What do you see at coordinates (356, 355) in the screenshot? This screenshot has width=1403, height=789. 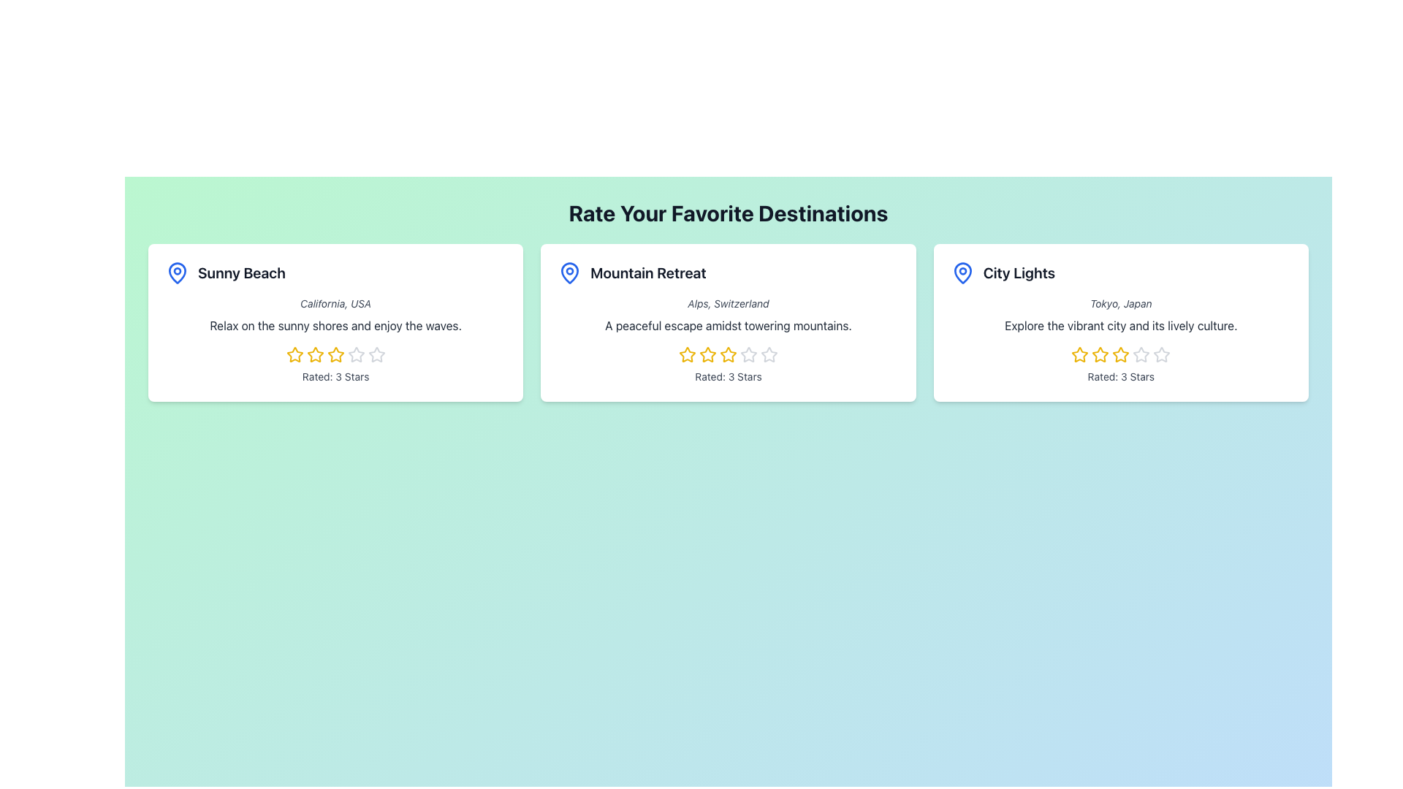 I see `the fifth interactive star in the rating system for 'Sunny Beach', which is located above the text 'Rated: 3 Stars'` at bounding box center [356, 355].